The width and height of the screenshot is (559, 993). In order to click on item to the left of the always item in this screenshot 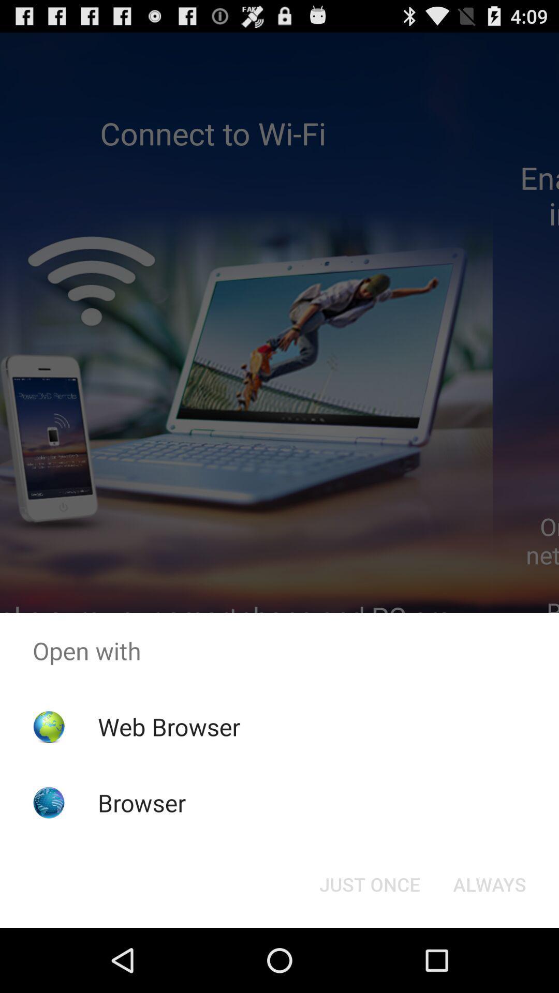, I will do `click(369, 883)`.